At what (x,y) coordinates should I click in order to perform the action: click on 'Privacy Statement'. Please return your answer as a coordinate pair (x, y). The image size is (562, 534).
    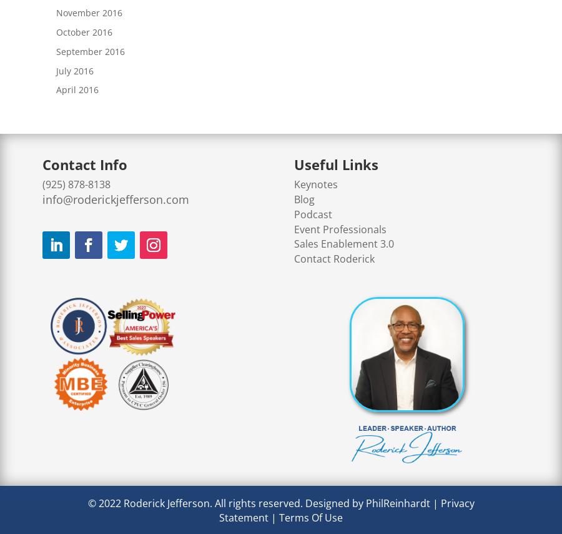
    Looking at the image, I should click on (346, 509).